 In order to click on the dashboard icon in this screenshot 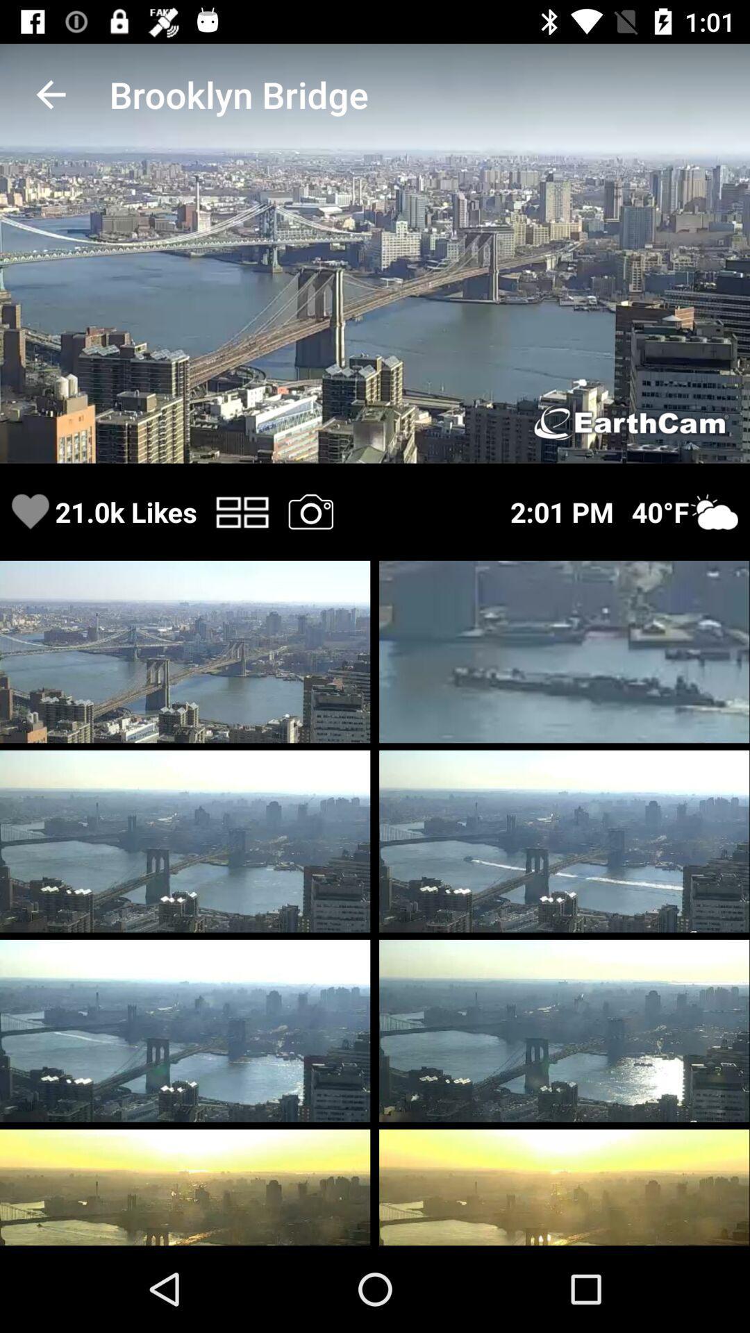, I will do `click(242, 511)`.